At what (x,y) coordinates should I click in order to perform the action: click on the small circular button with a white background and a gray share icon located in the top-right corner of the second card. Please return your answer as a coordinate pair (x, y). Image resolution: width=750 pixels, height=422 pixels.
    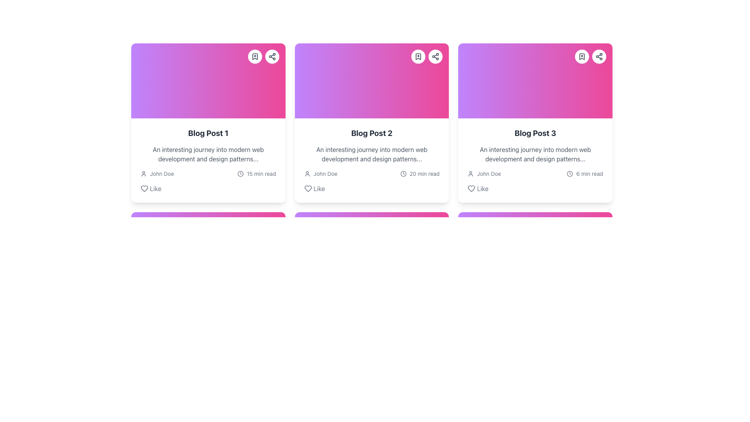
    Looking at the image, I should click on (435, 56).